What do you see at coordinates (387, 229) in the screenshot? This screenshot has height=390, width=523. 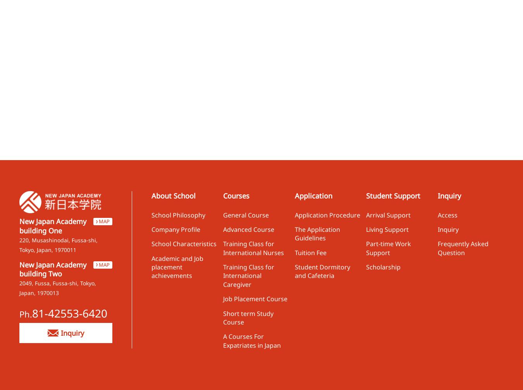 I see `'Living Support'` at bounding box center [387, 229].